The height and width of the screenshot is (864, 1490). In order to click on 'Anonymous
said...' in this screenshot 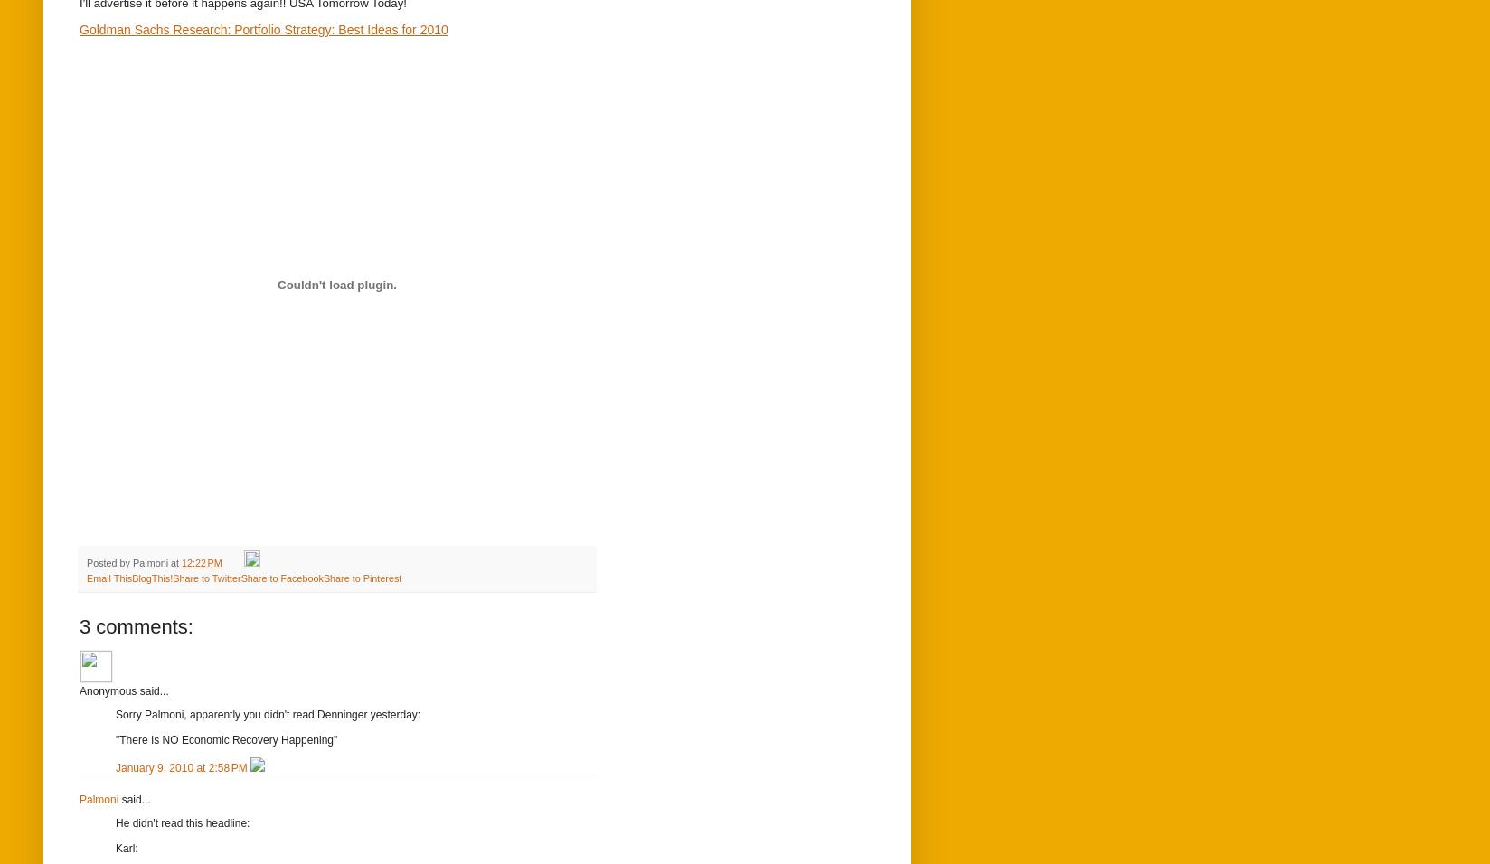, I will do `click(123, 690)`.